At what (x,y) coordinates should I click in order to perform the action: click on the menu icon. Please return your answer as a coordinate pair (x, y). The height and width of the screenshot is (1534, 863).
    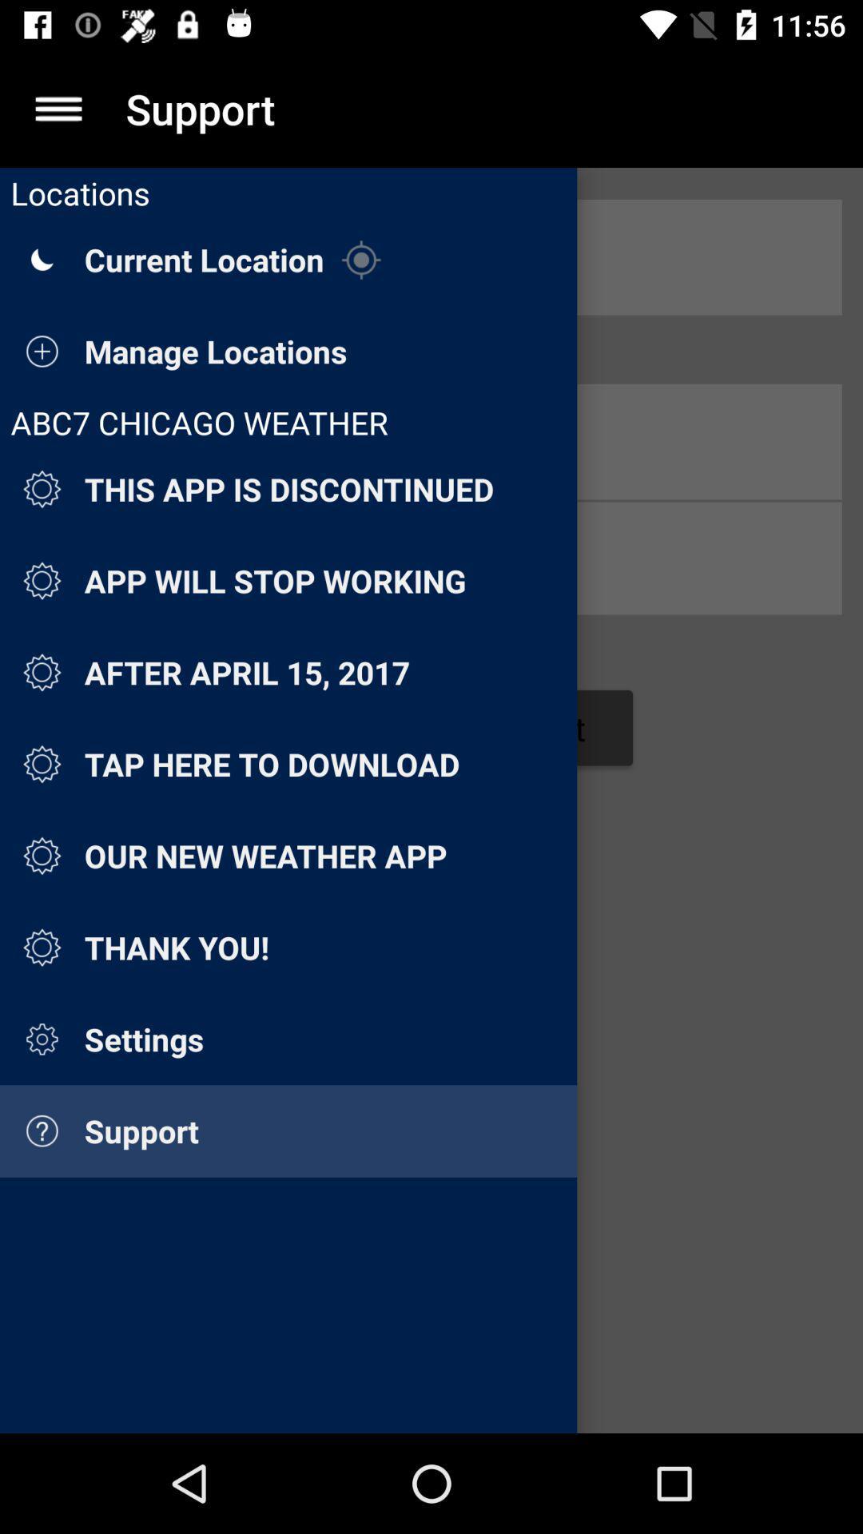
    Looking at the image, I should click on (58, 108).